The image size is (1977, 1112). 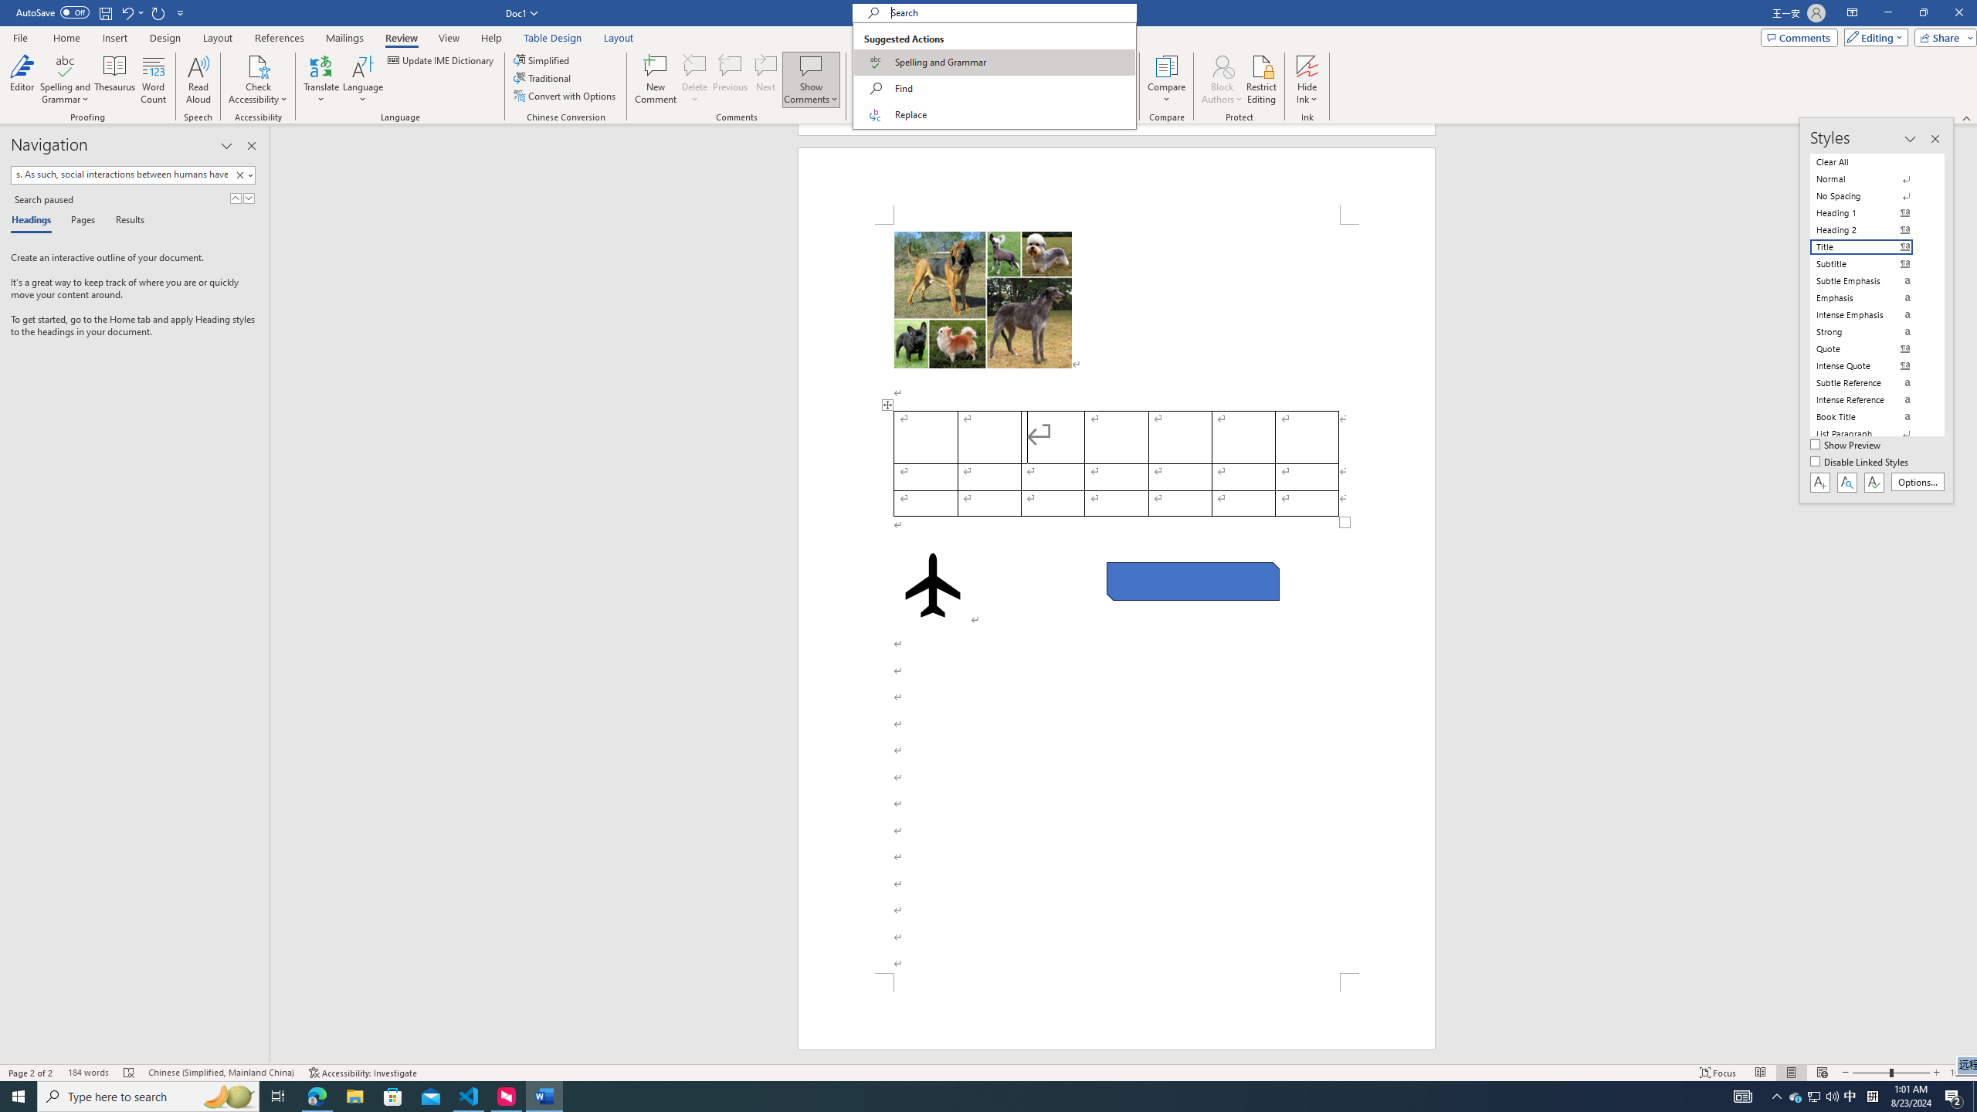 What do you see at coordinates (994, 115) in the screenshot?
I see `'Replace'` at bounding box center [994, 115].